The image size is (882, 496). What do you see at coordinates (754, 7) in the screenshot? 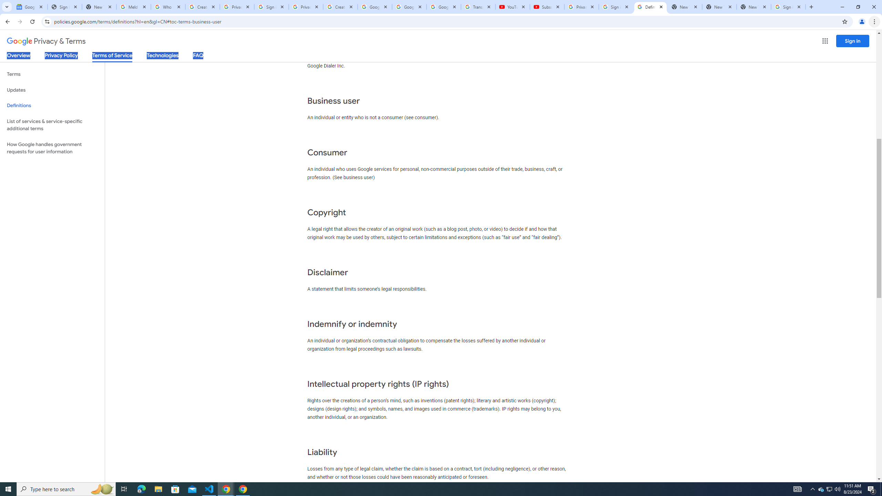
I see `'New Tab'` at bounding box center [754, 7].